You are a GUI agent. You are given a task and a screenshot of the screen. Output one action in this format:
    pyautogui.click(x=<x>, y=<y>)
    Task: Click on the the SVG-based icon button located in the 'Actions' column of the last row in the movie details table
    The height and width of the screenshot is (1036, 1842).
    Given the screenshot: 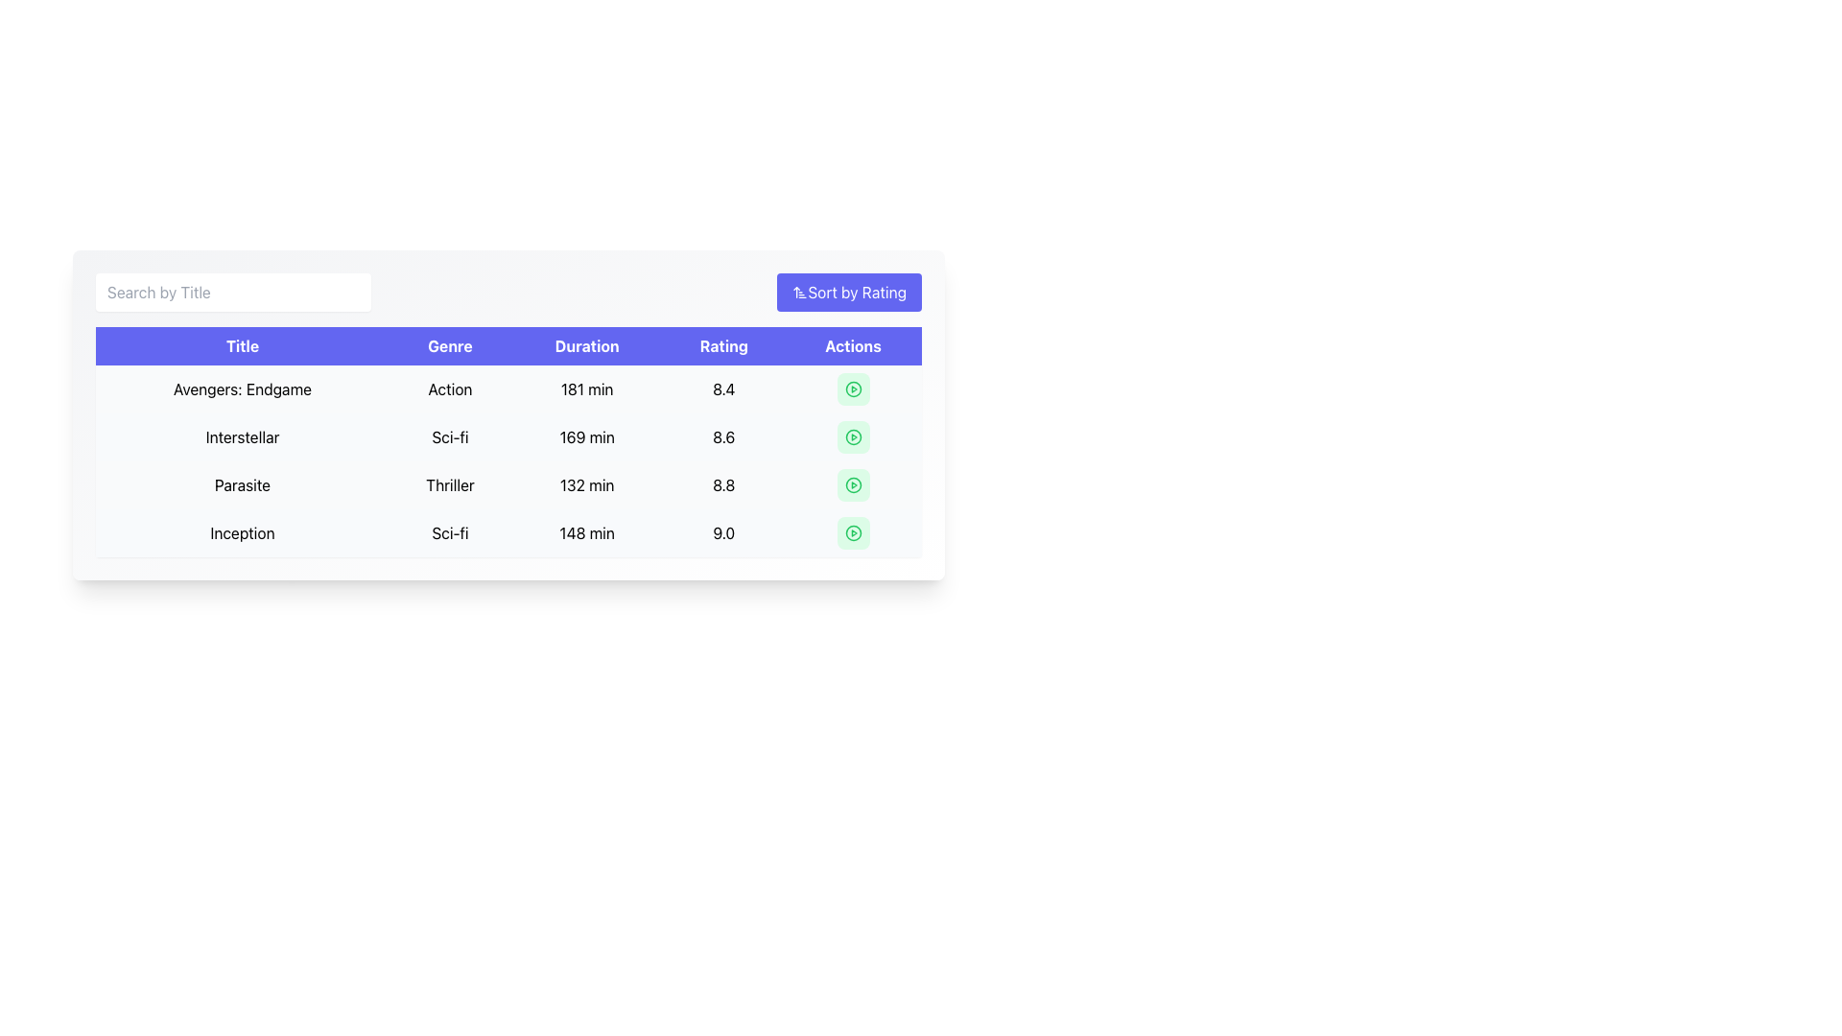 What is the action you would take?
    pyautogui.click(x=851, y=532)
    